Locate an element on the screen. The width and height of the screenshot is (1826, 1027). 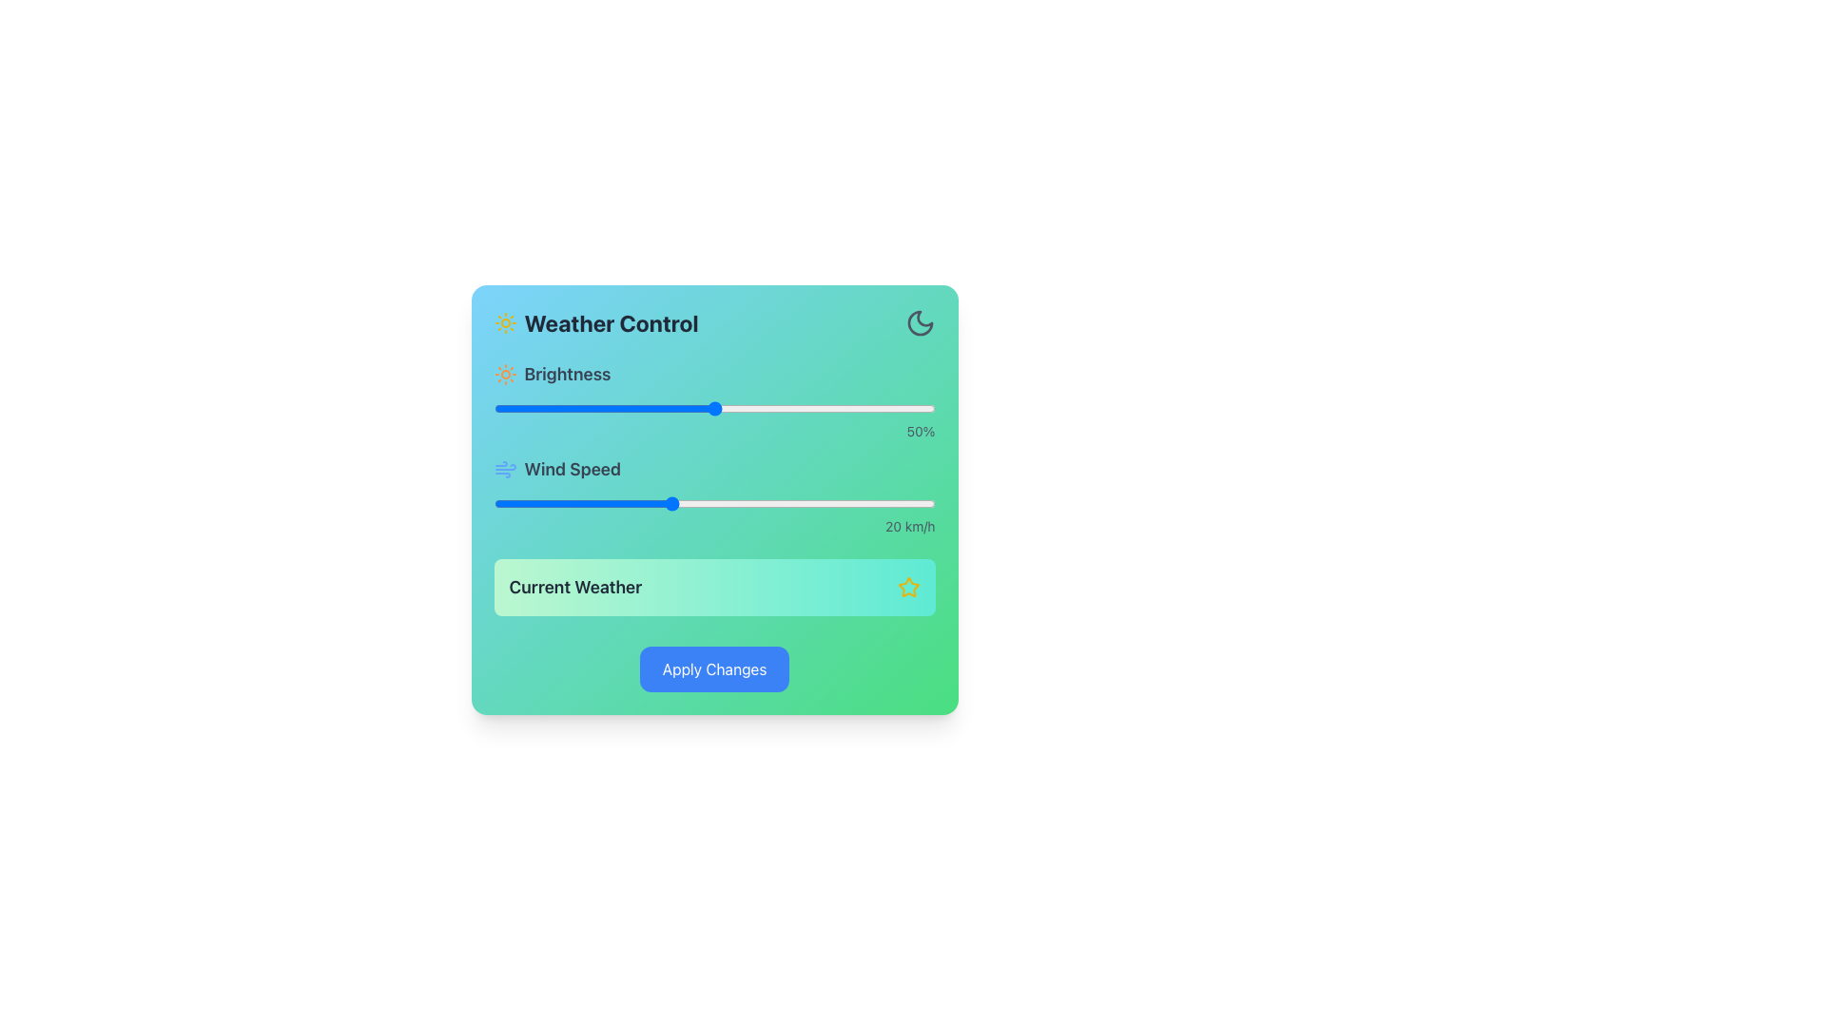
brightness level is located at coordinates (917, 407).